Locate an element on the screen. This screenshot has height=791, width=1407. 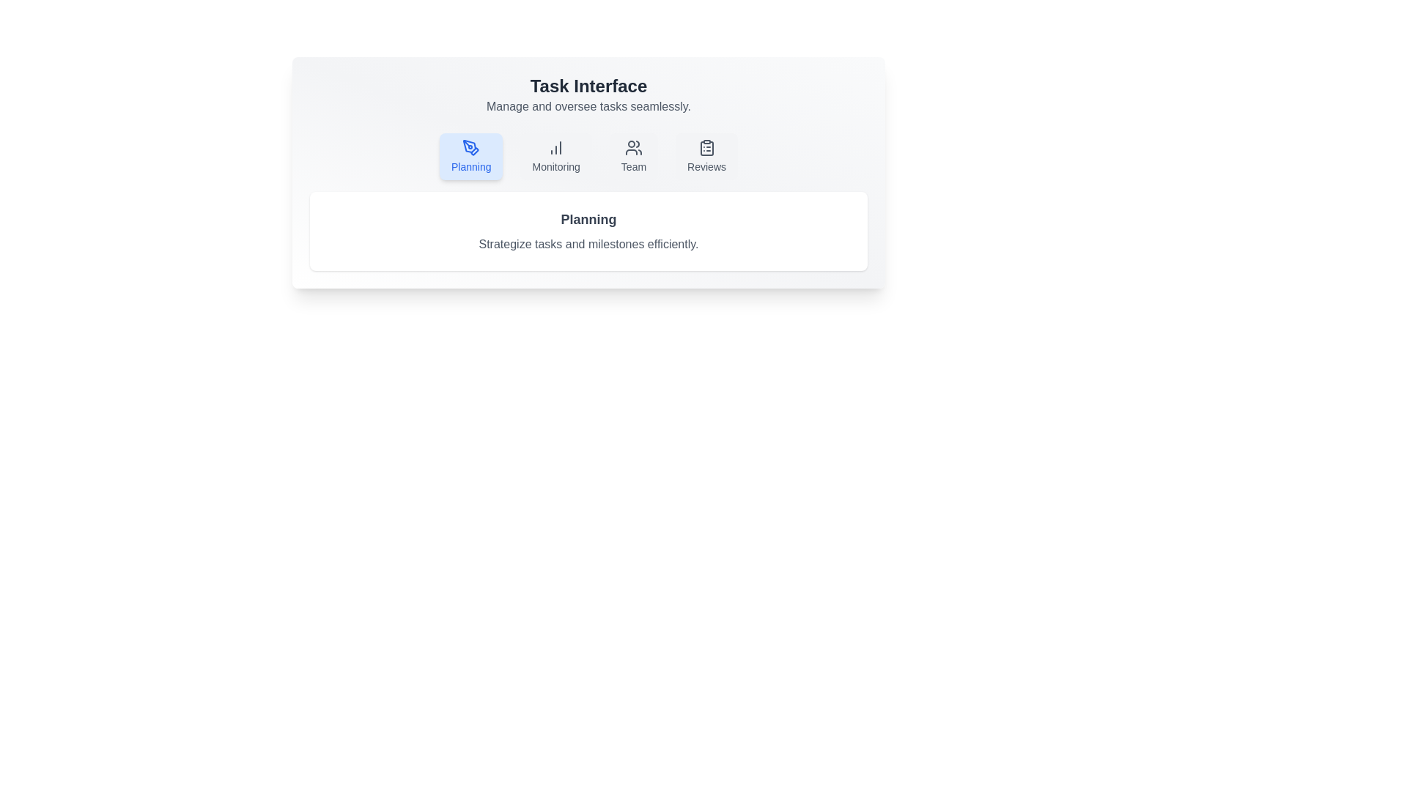
the Monitoring tab to navigate to its content is located at coordinates (555, 156).